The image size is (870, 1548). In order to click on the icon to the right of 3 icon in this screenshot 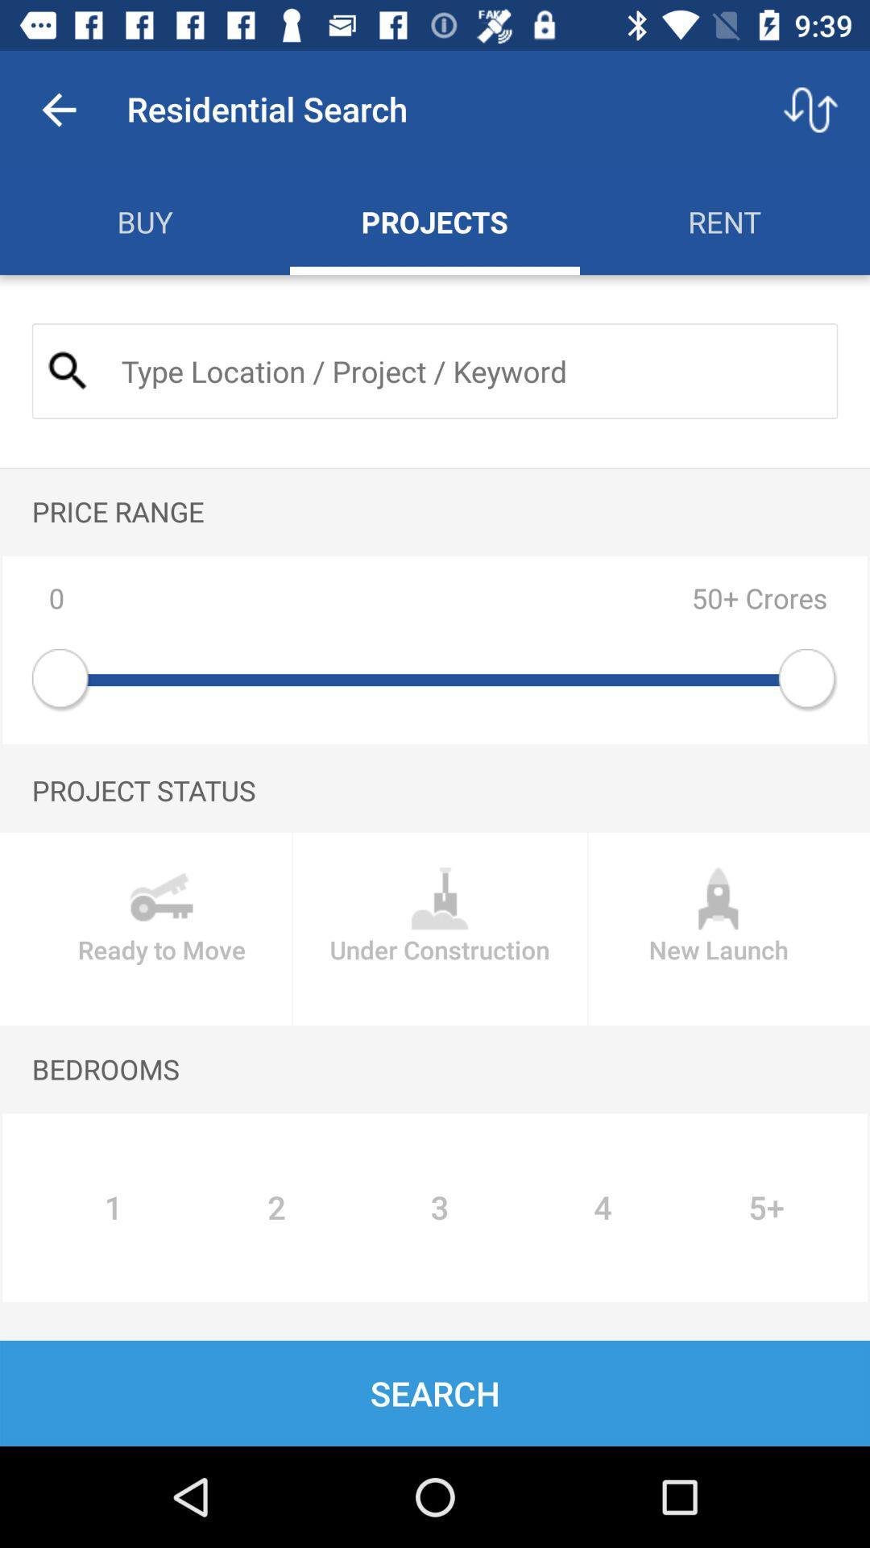, I will do `click(603, 1208)`.